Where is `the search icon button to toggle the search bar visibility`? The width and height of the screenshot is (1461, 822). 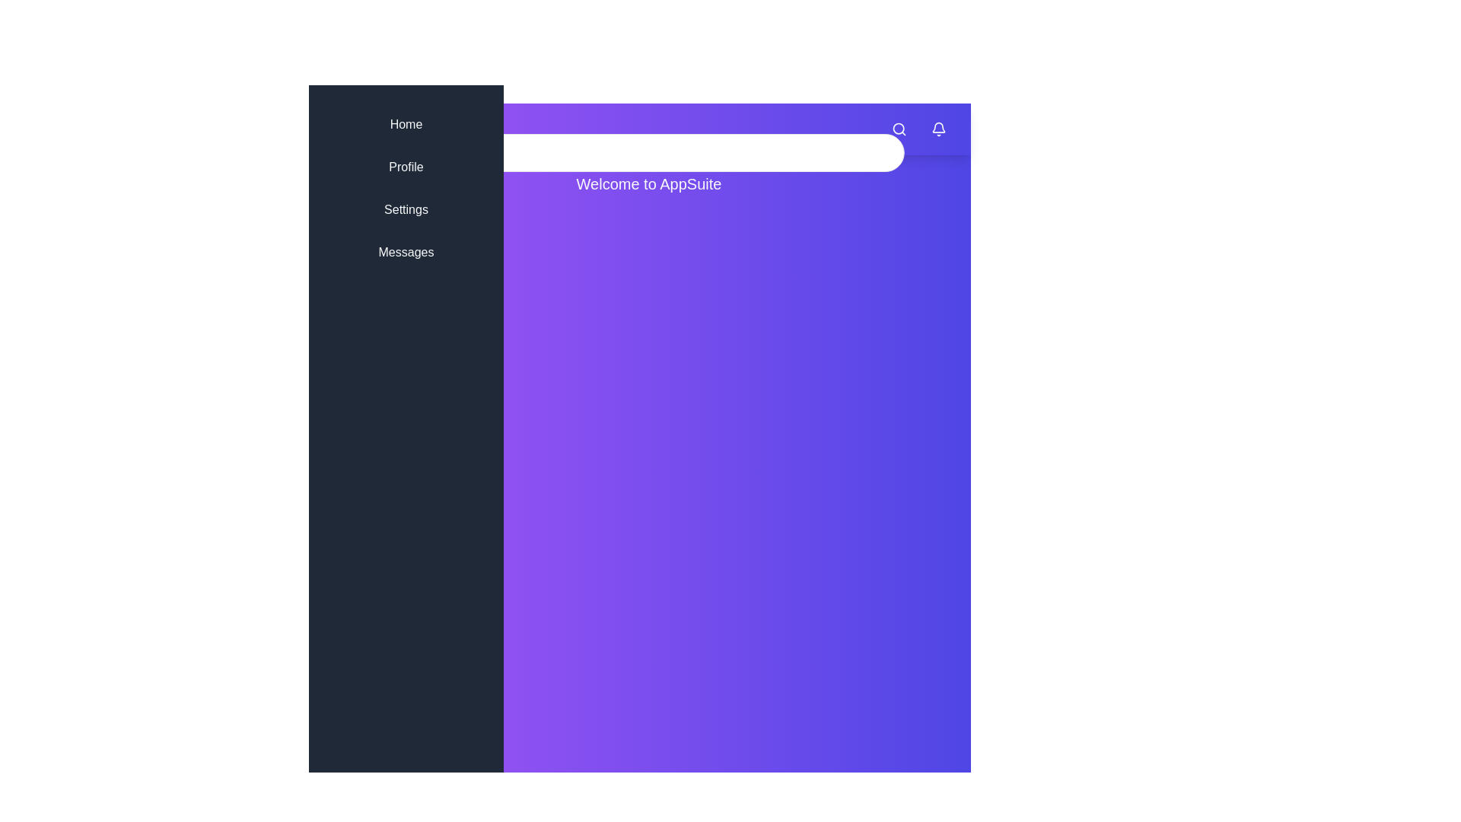 the search icon button to toggle the search bar visibility is located at coordinates (899, 128).